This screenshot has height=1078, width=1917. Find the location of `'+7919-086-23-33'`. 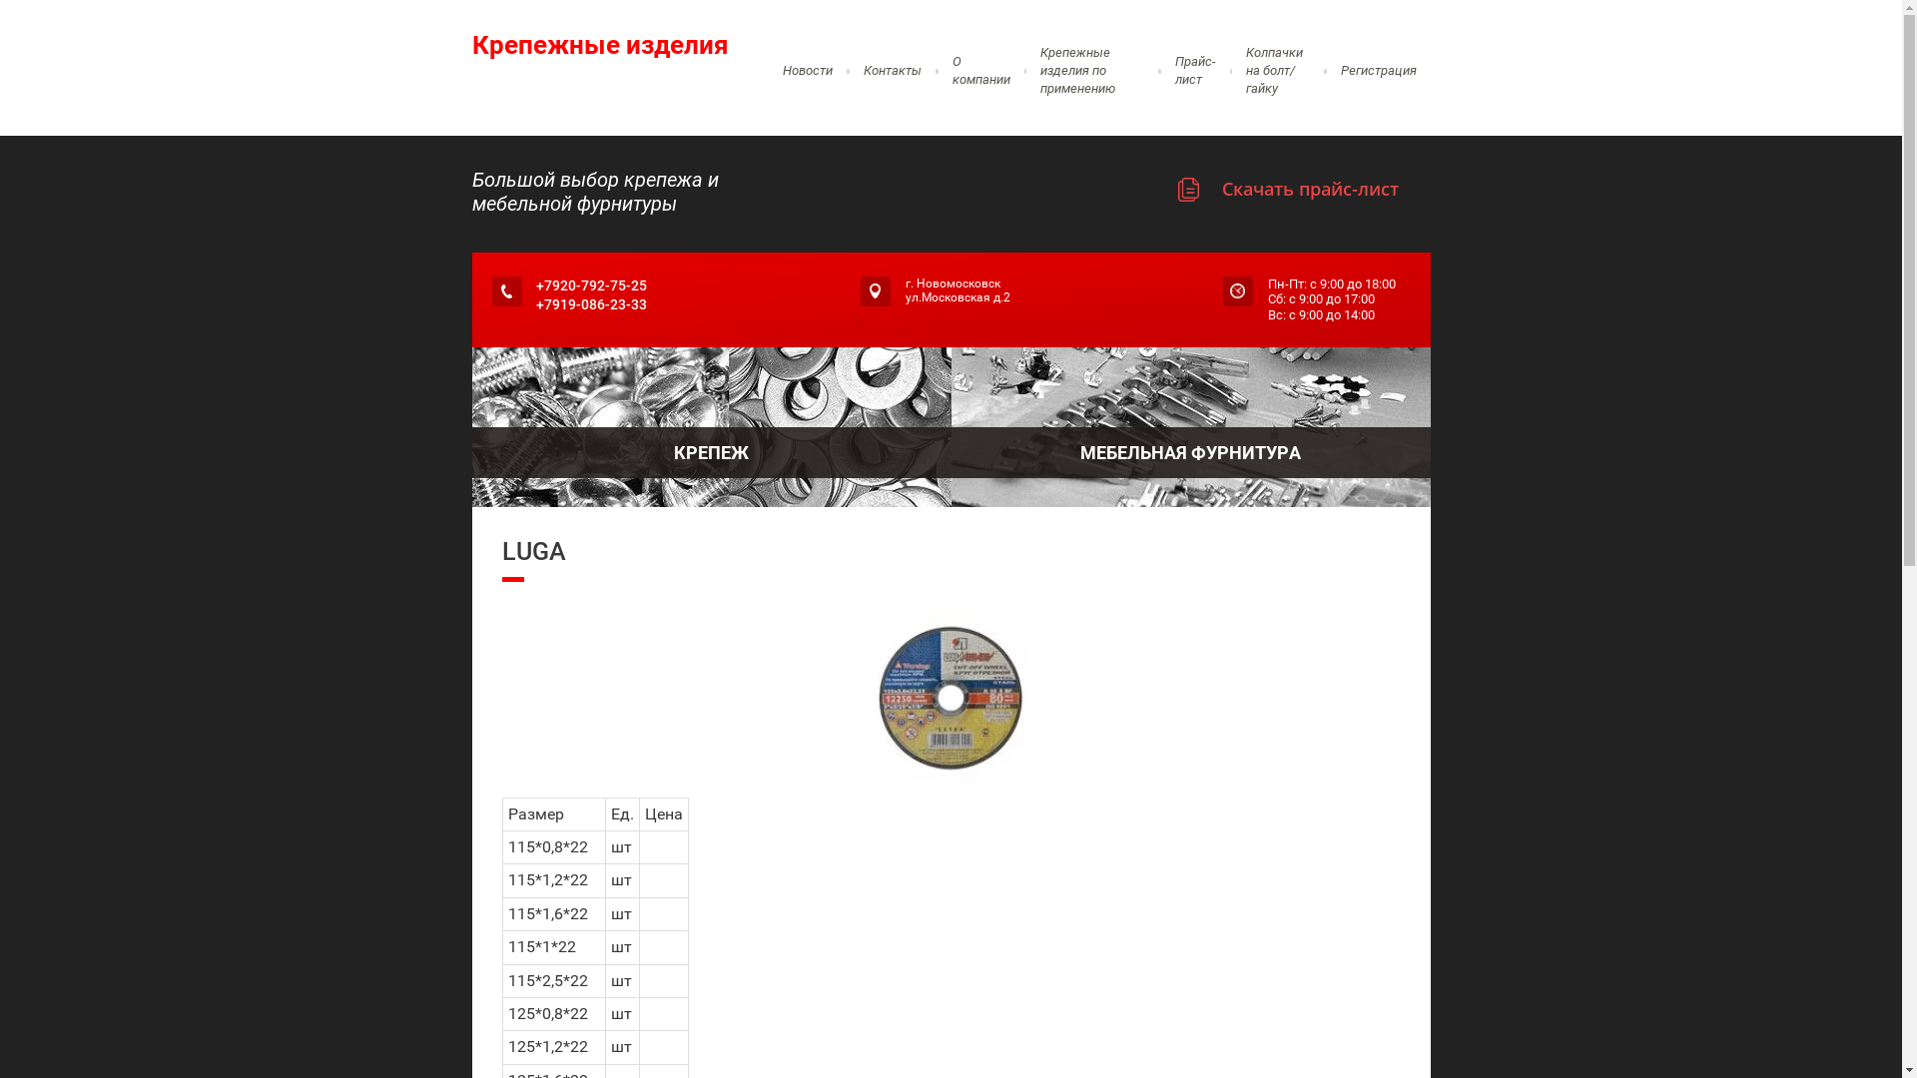

'+7919-086-23-33' is located at coordinates (589, 303).